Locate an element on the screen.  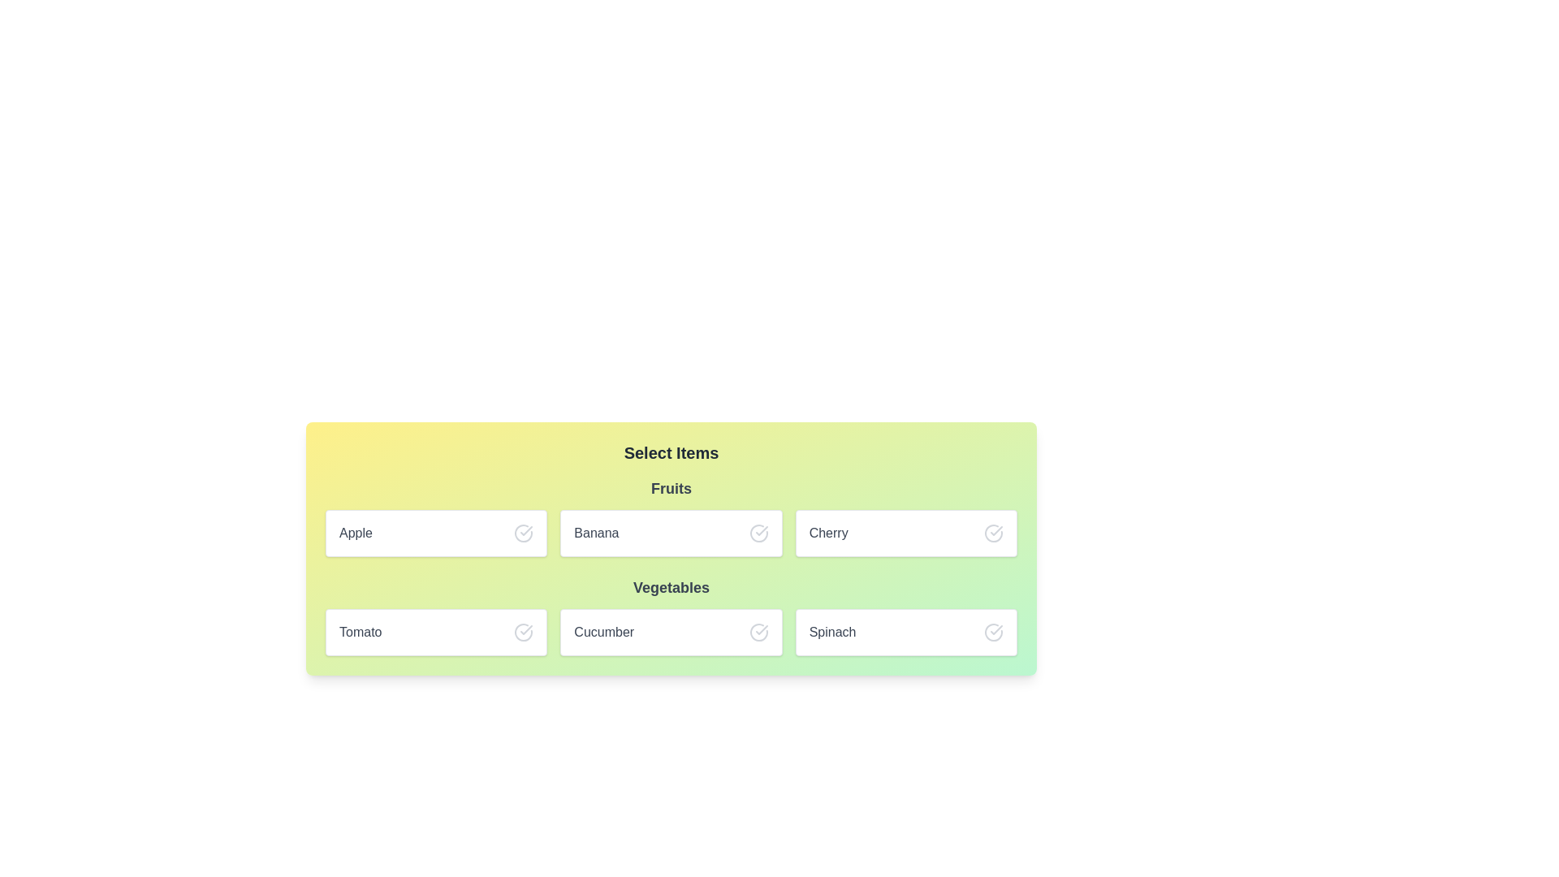
the small green checkmark icon associated with the 'Tomato' selection option in the 'Vegetables' category is located at coordinates (526, 629).